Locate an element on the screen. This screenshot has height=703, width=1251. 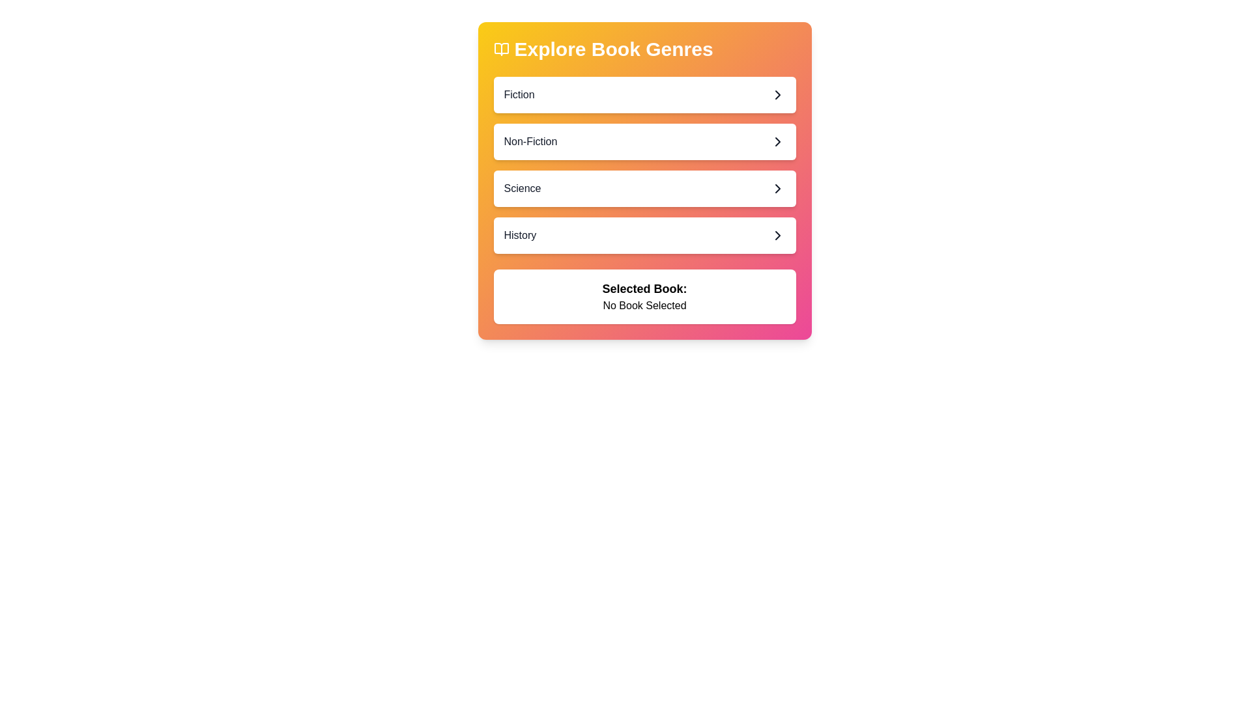
the Text header with an accompanying icon that serves as a title for selecting book genres, located at the top-left corner of the gradient background card is located at coordinates (644, 49).